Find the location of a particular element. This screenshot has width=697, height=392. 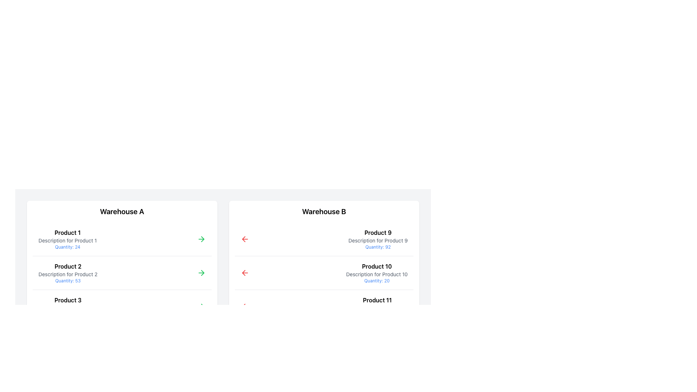

the green right-pointing navigational arrow icon located next to the 'Quantity: 24' text in the product listing titled 'Product 1' is located at coordinates (201, 239).